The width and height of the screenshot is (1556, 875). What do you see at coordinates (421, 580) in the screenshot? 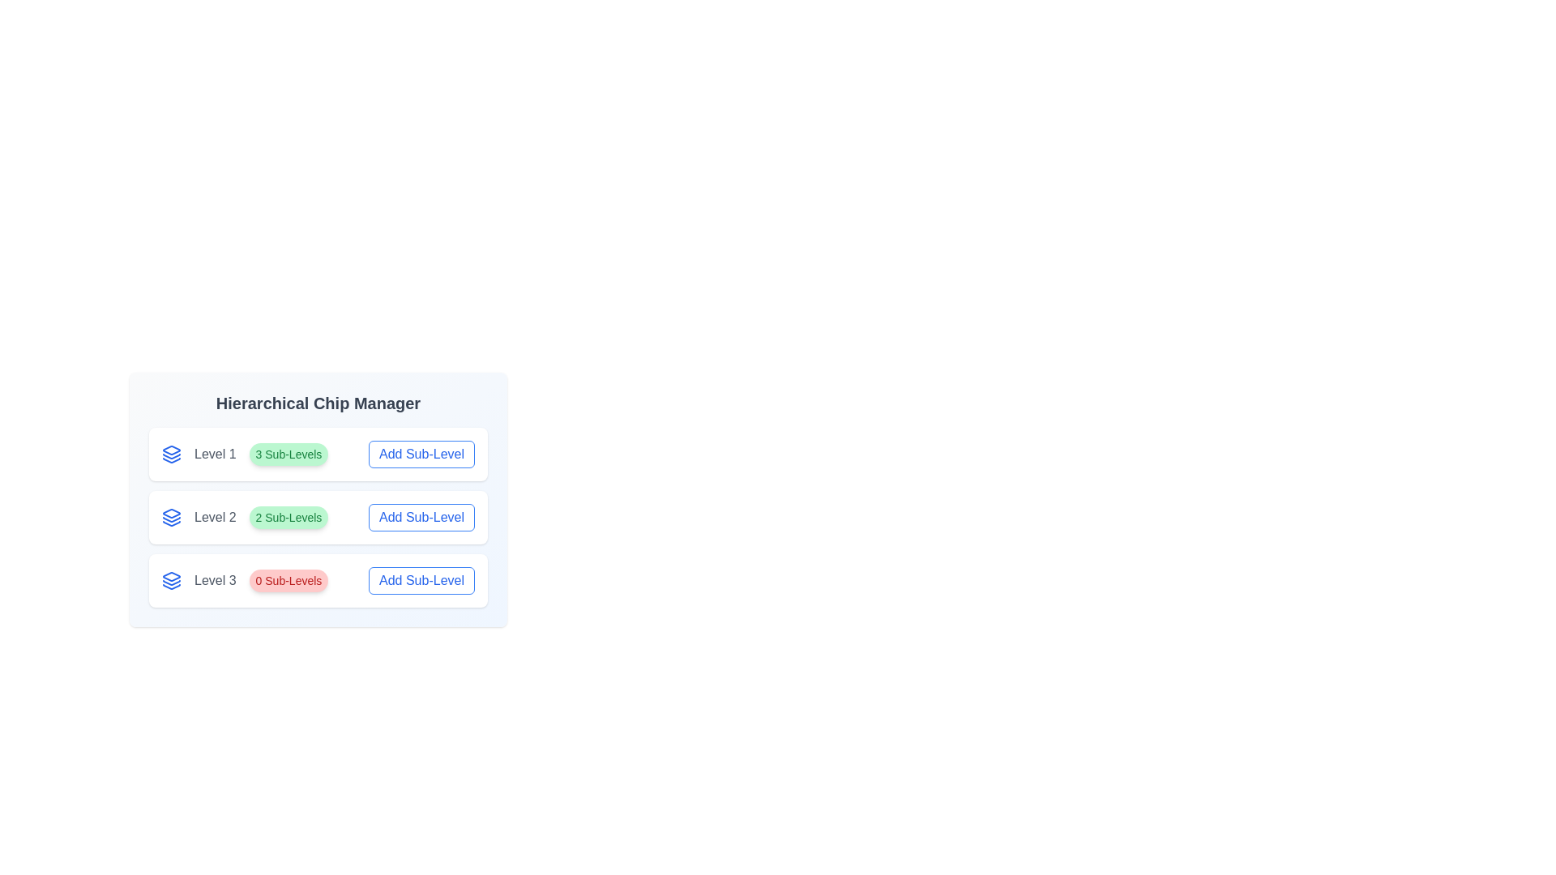
I see `the 'Add Sub-Level' button for Level 3` at bounding box center [421, 580].